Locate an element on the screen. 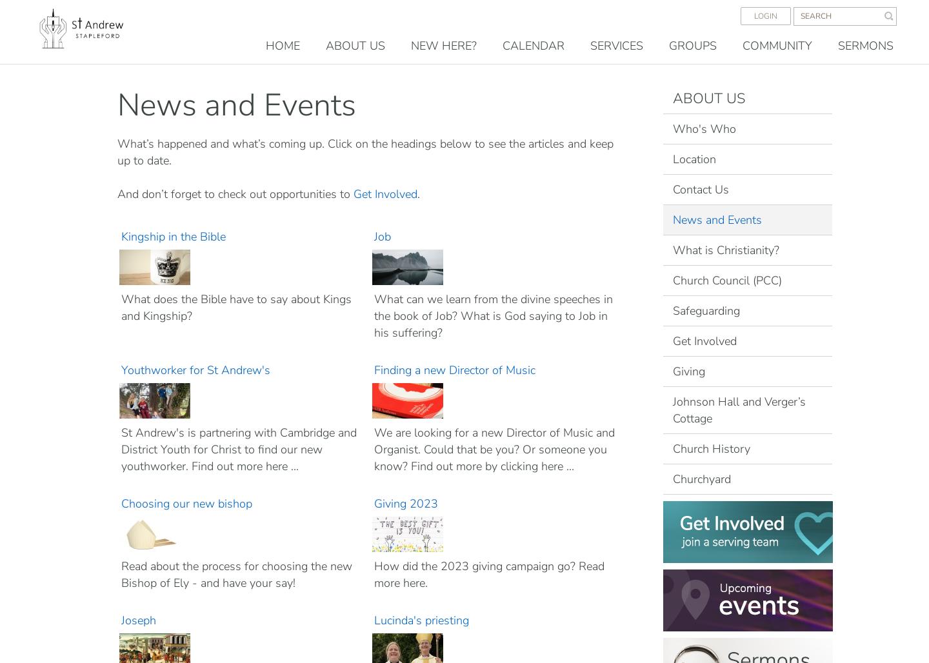 The width and height of the screenshot is (929, 663). 'We are looking for a new Director of Music and Organist. Could that be you? Or someone you know? Find out more by clicking here ...' is located at coordinates (493, 449).